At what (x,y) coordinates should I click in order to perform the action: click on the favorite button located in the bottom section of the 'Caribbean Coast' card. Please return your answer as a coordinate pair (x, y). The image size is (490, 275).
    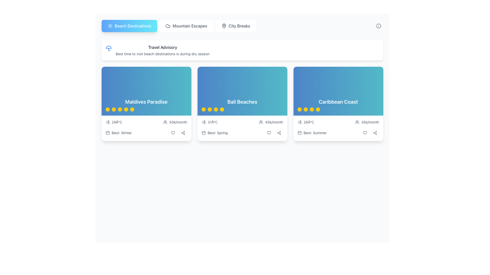
    Looking at the image, I should click on (364, 132).